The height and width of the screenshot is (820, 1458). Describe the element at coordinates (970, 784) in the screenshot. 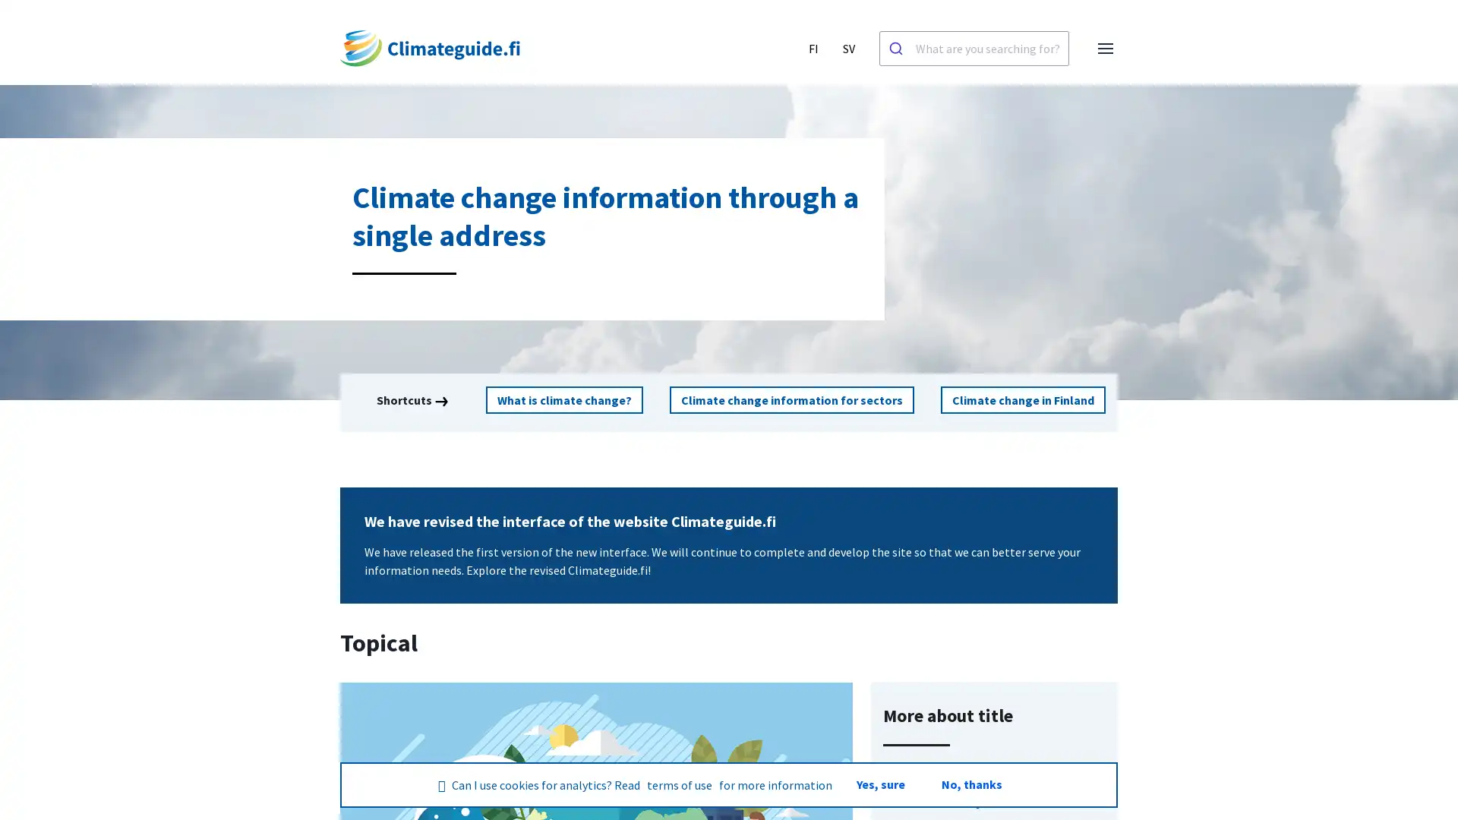

I see `No, thanks` at that location.